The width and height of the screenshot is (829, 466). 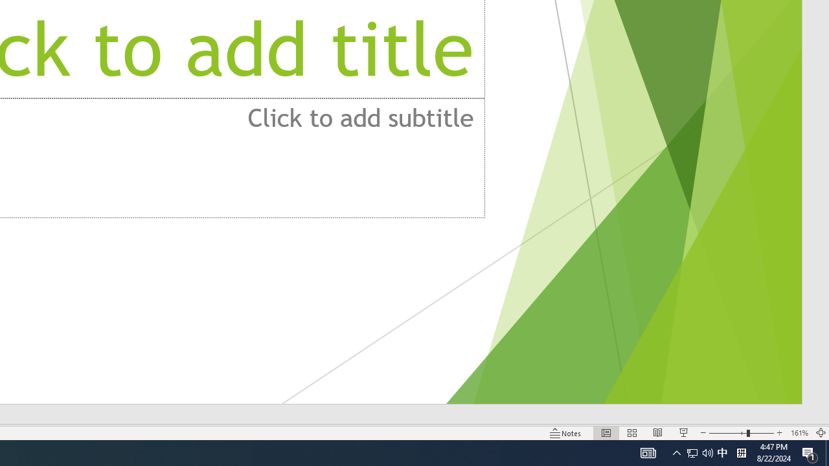 I want to click on 'Notes ', so click(x=566, y=433).